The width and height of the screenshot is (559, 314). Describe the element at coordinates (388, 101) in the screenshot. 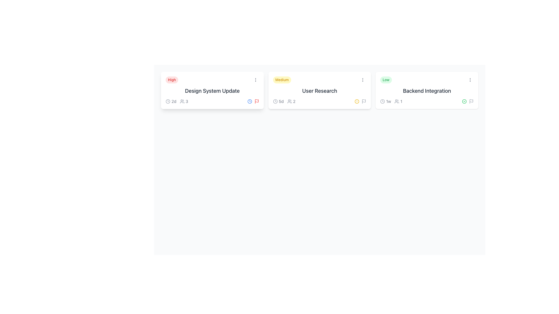

I see `value from the text label stating '1w', which is styled with a smaller font size and gray color, located in the bottom-left corner of the card labeled 'Backend Integration', adjacent to a clock icon` at that location.